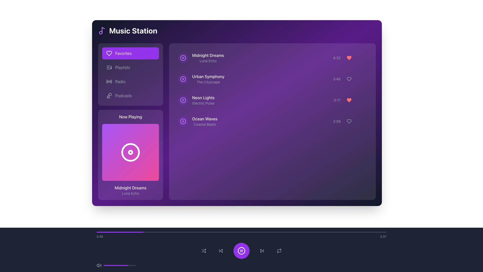 The height and width of the screenshot is (272, 483). I want to click on playback position, so click(147, 232).